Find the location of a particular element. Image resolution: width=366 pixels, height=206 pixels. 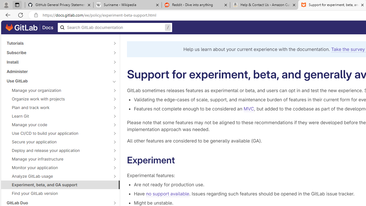

'Use CI/CD to build your application' is located at coordinates (57, 133).